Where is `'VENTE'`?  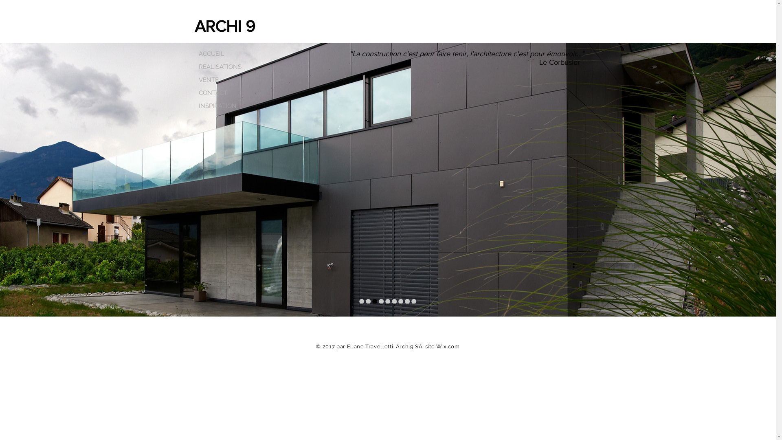 'VENTE' is located at coordinates (220, 80).